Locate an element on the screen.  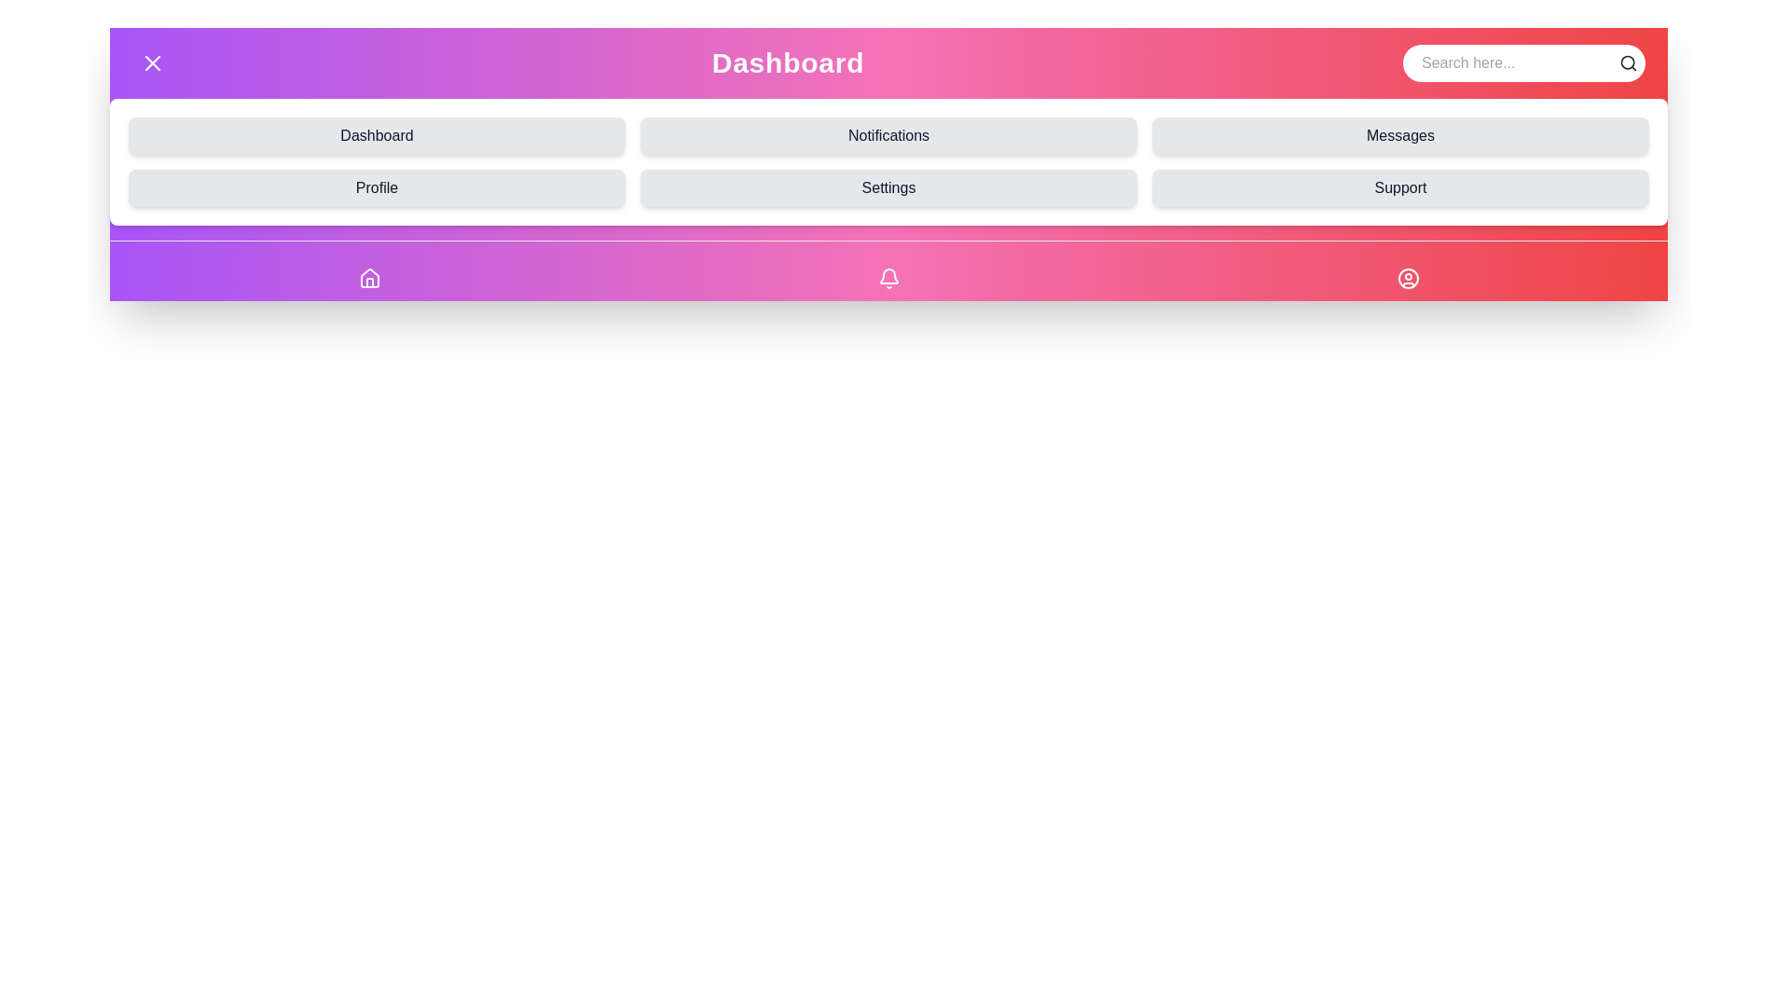
the footer button corresponding to Alerts is located at coordinates (888, 279).